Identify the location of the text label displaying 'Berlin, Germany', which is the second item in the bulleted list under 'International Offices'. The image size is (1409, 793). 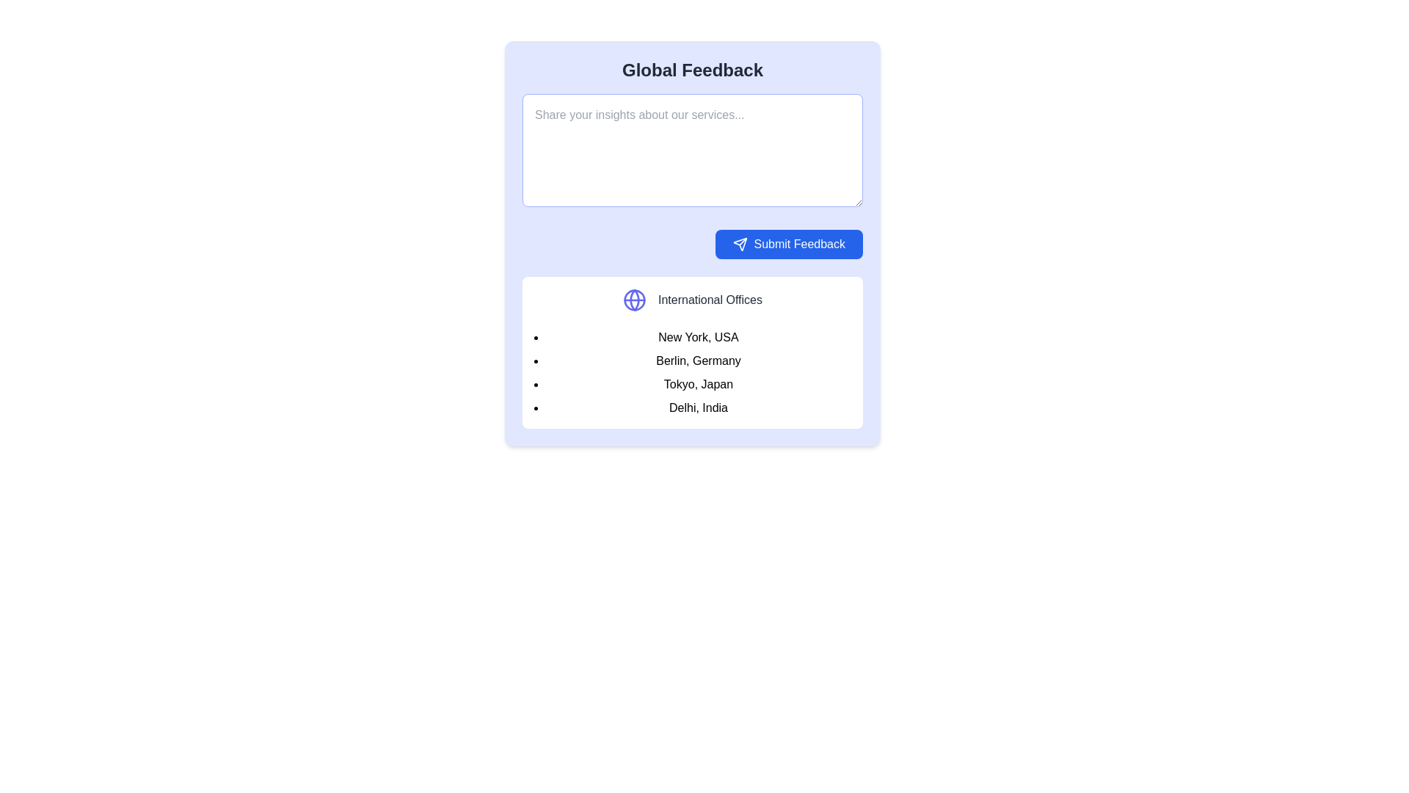
(697, 361).